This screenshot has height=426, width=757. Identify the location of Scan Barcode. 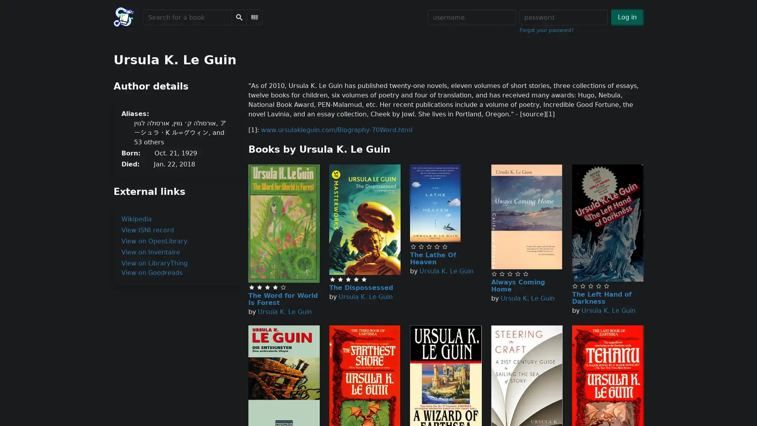
(255, 17).